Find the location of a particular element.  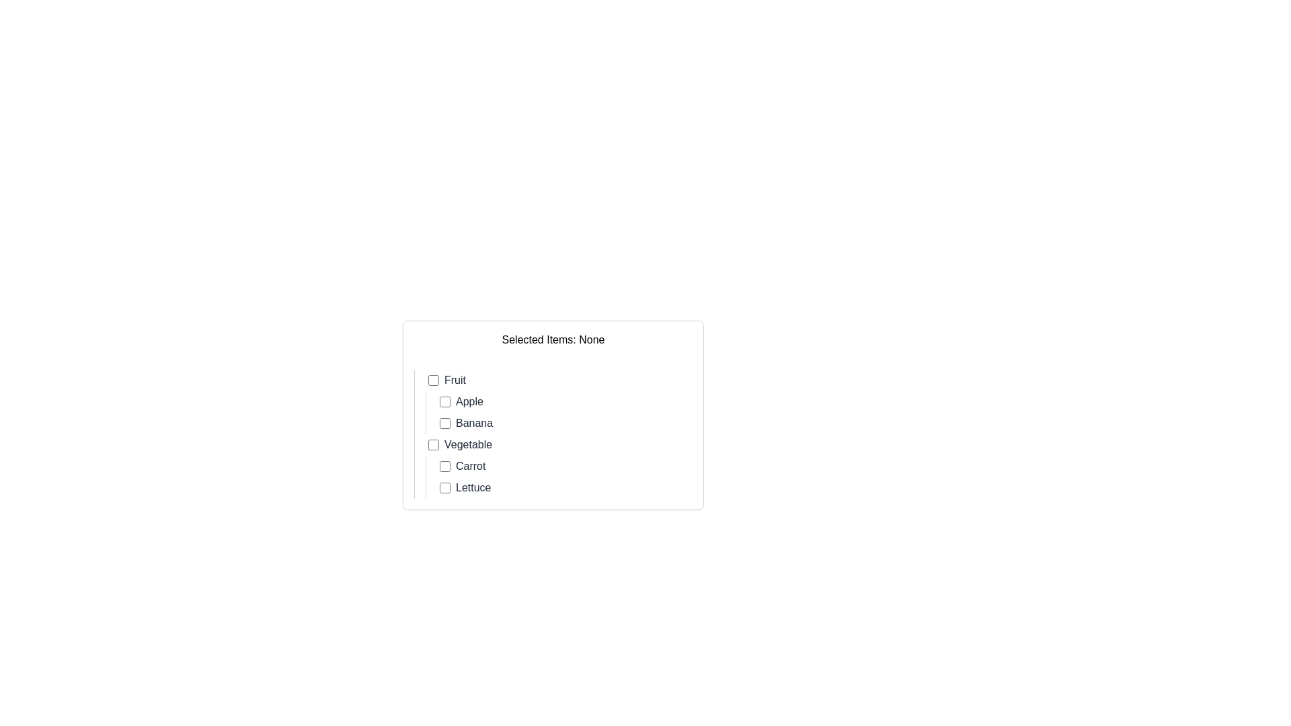

the checkbox is located at coordinates (433, 445).